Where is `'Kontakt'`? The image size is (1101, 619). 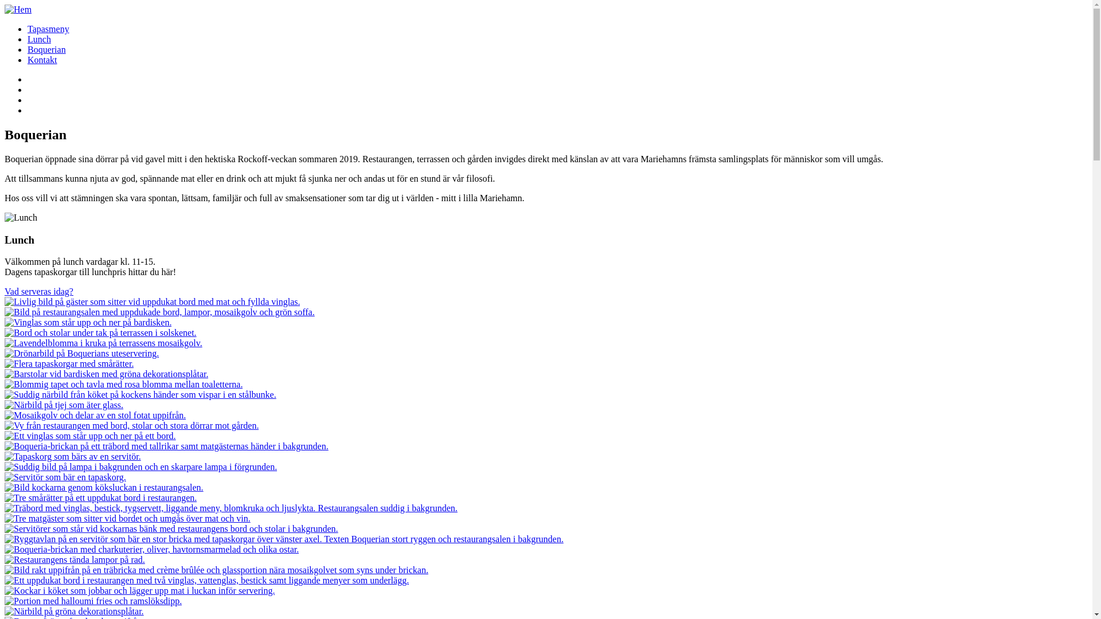
'Kontakt' is located at coordinates (42, 60).